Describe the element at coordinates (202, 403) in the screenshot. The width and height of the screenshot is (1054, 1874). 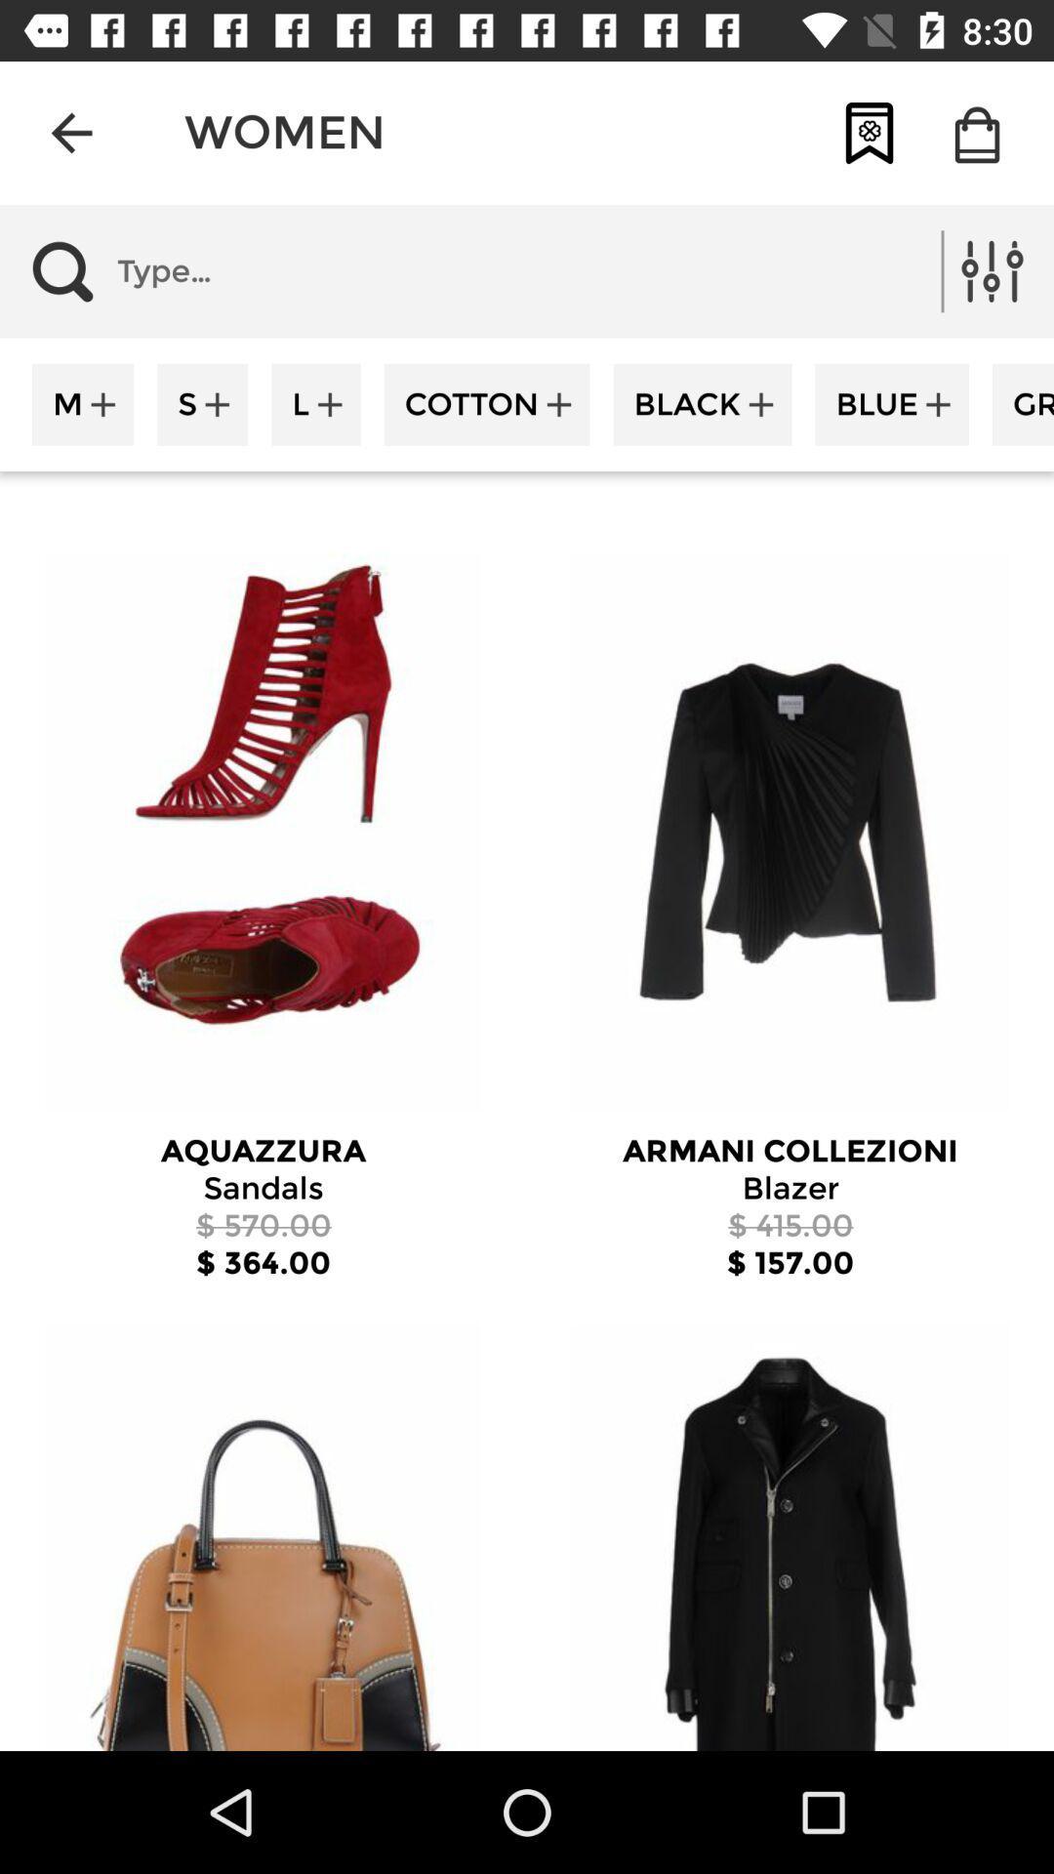
I see `the item next to the m icon` at that location.